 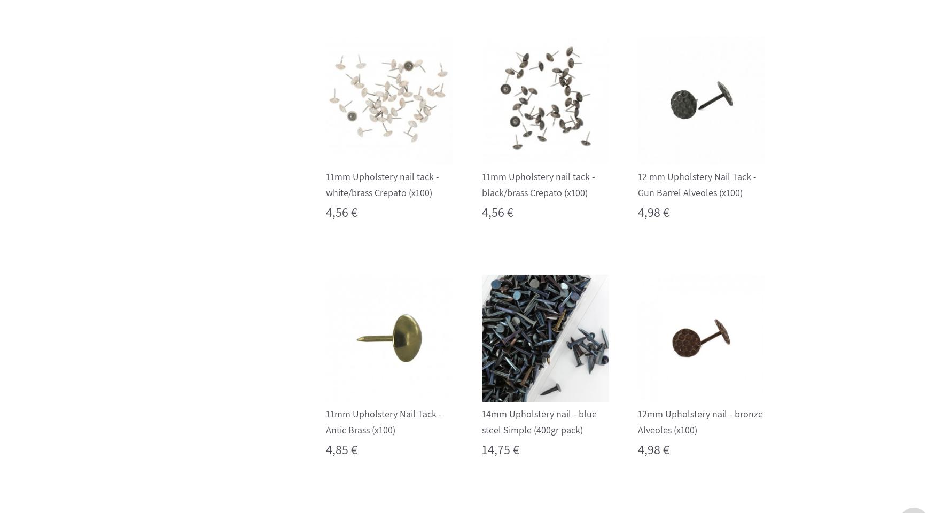 What do you see at coordinates (340, 449) in the screenshot?
I see `'4,85 €'` at bounding box center [340, 449].